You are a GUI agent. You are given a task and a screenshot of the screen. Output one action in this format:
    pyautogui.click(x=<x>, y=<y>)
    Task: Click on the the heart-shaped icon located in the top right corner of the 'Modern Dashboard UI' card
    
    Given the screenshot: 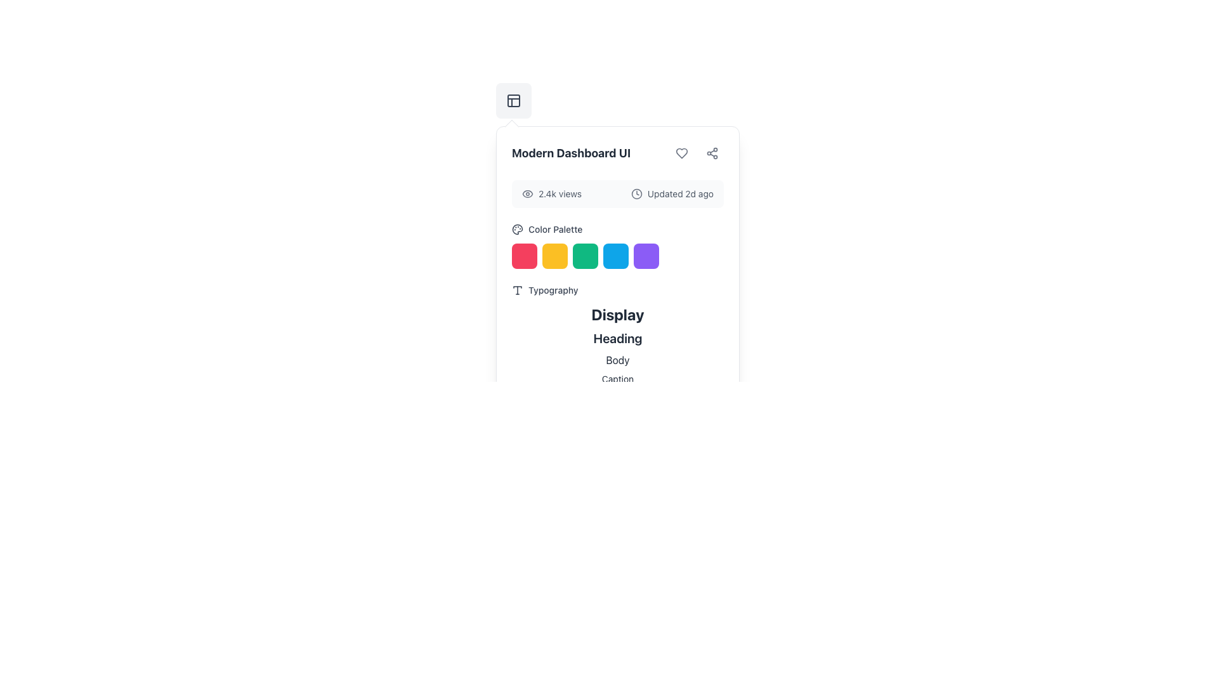 What is the action you would take?
    pyautogui.click(x=681, y=153)
    